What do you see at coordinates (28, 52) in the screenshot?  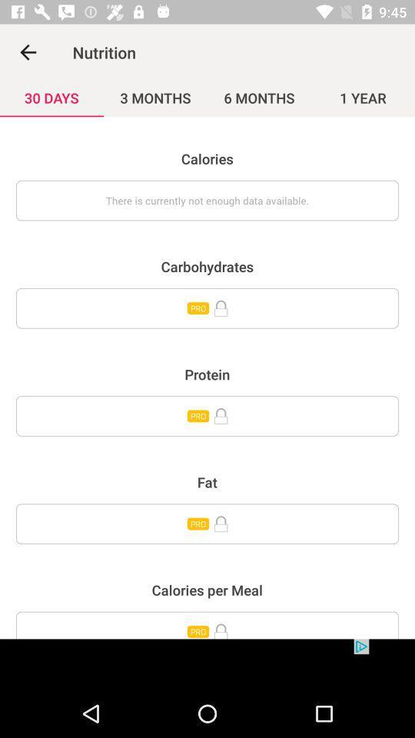 I see `icon above the 30 days` at bounding box center [28, 52].